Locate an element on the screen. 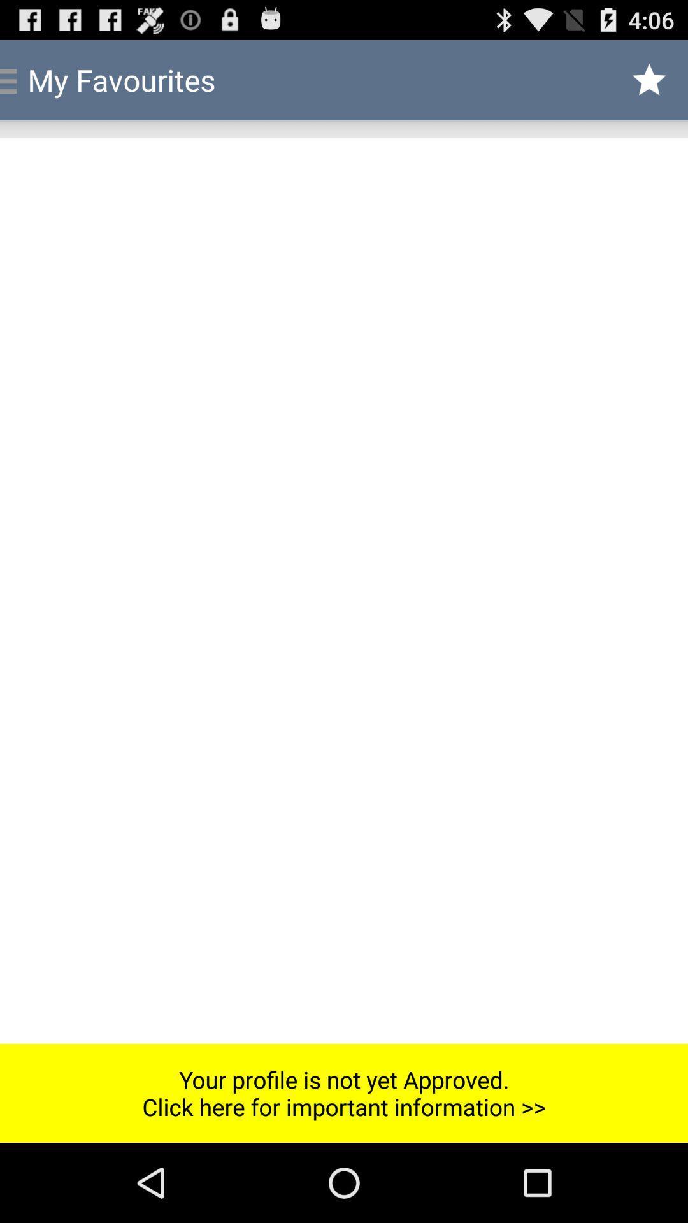 This screenshot has width=688, height=1223. icon at the center is located at coordinates (344, 590).